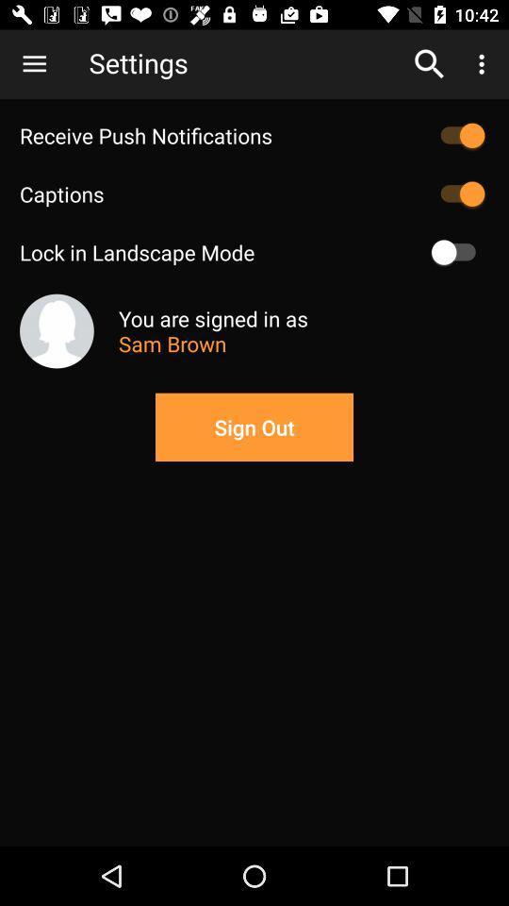  Describe the element at coordinates (457, 194) in the screenshot. I see `the slider which is beside captions` at that location.